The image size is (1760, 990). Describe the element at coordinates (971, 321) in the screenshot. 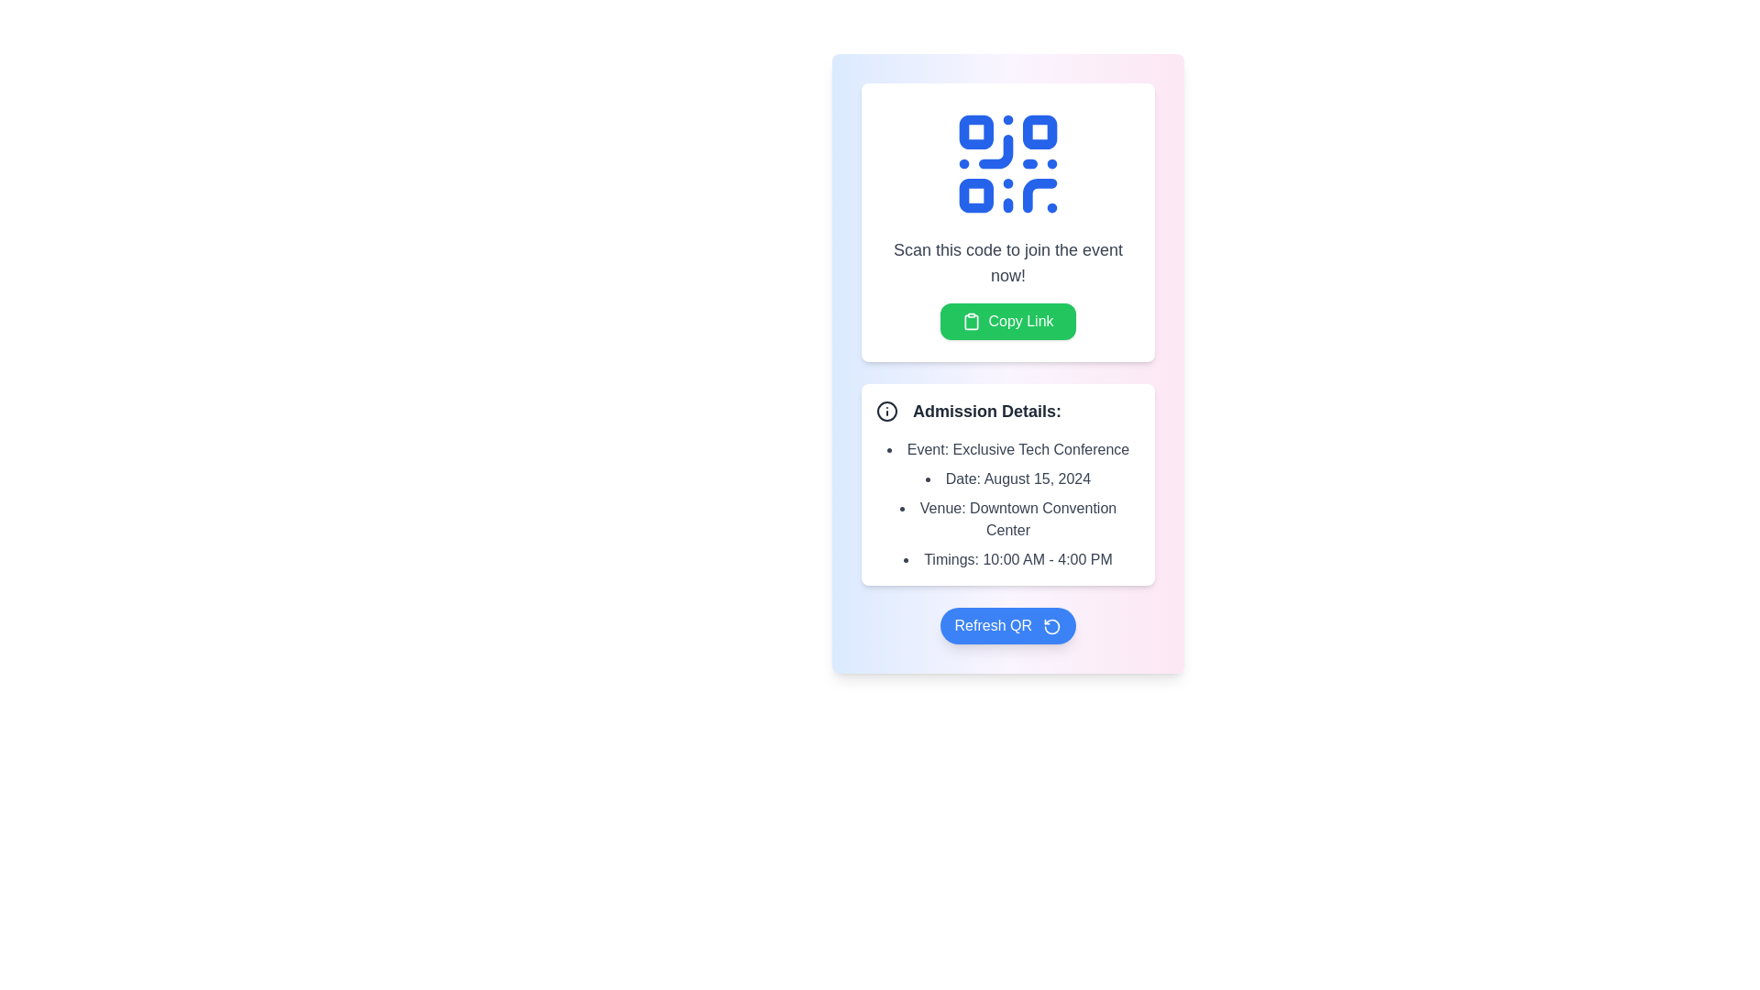

I see `the Icon (SVG) that indicates the purpose of the 'Copy Link' button, which is centrally located below a QR code and above the 'Admission Details' section` at that location.